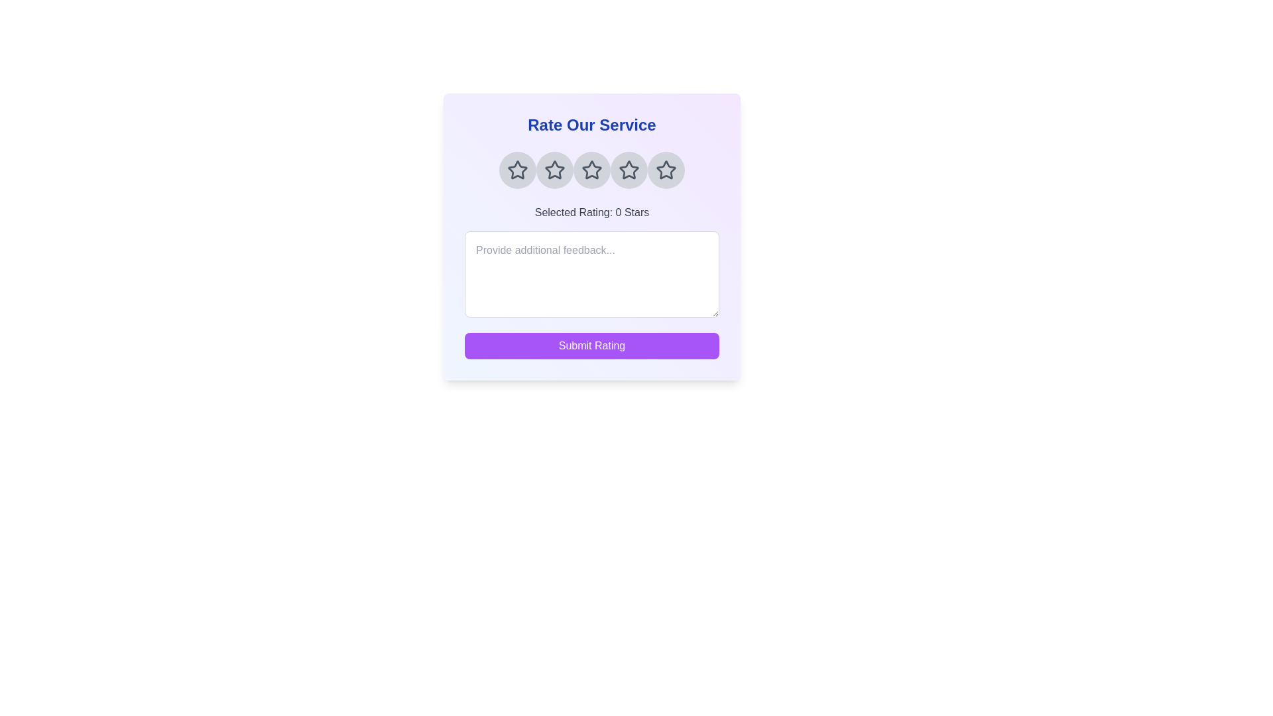 Image resolution: width=1273 pixels, height=716 pixels. I want to click on the star corresponding to the desired rating 3, so click(591, 170).